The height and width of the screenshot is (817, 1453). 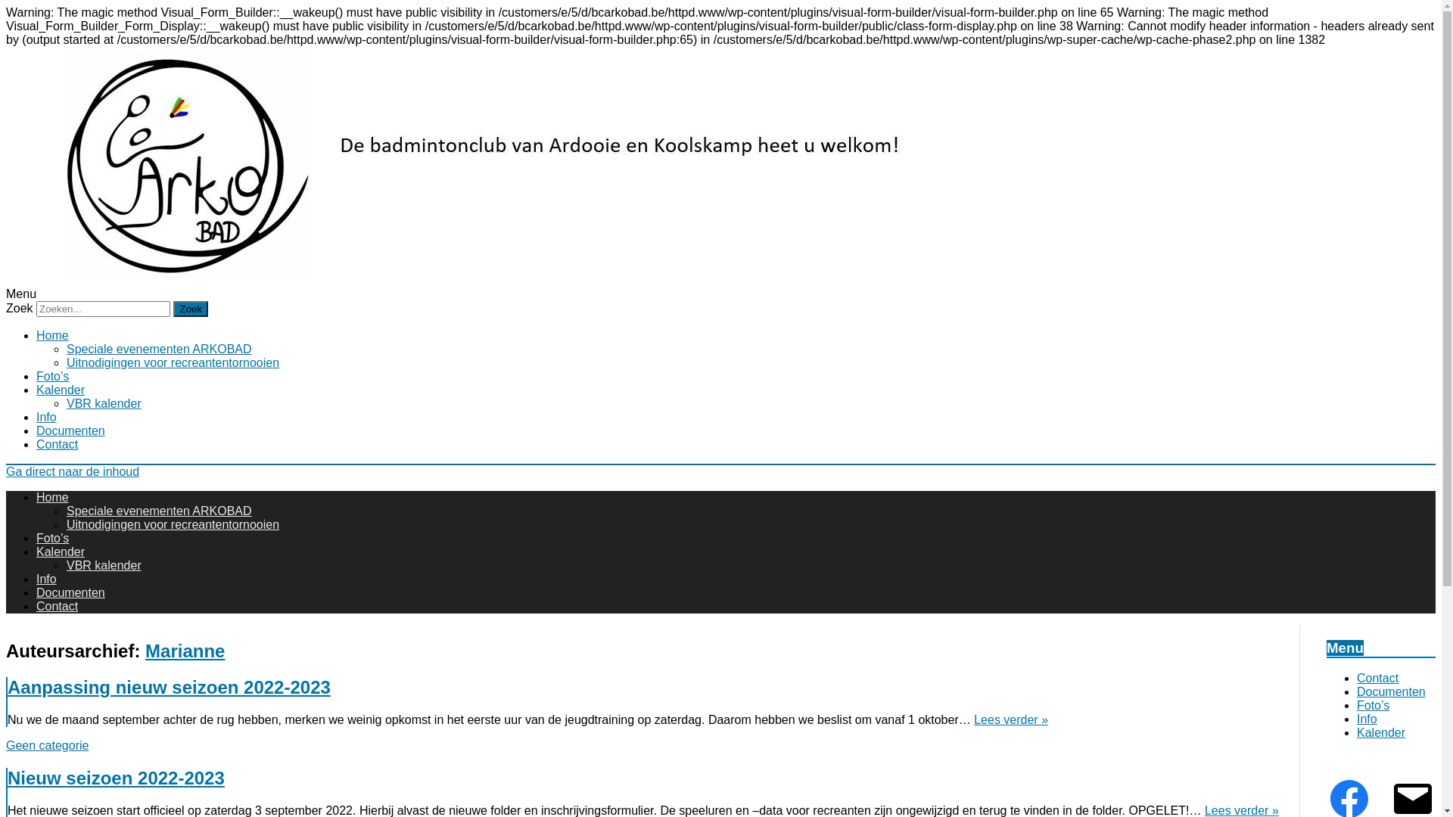 I want to click on 'Marianne', so click(x=184, y=650).